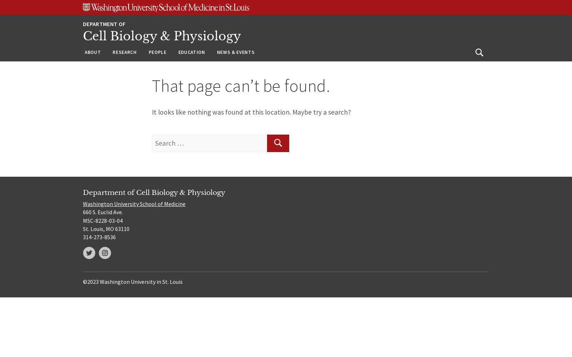 The height and width of the screenshot is (357, 572). I want to click on 'Become a Trainee', so click(201, 83).